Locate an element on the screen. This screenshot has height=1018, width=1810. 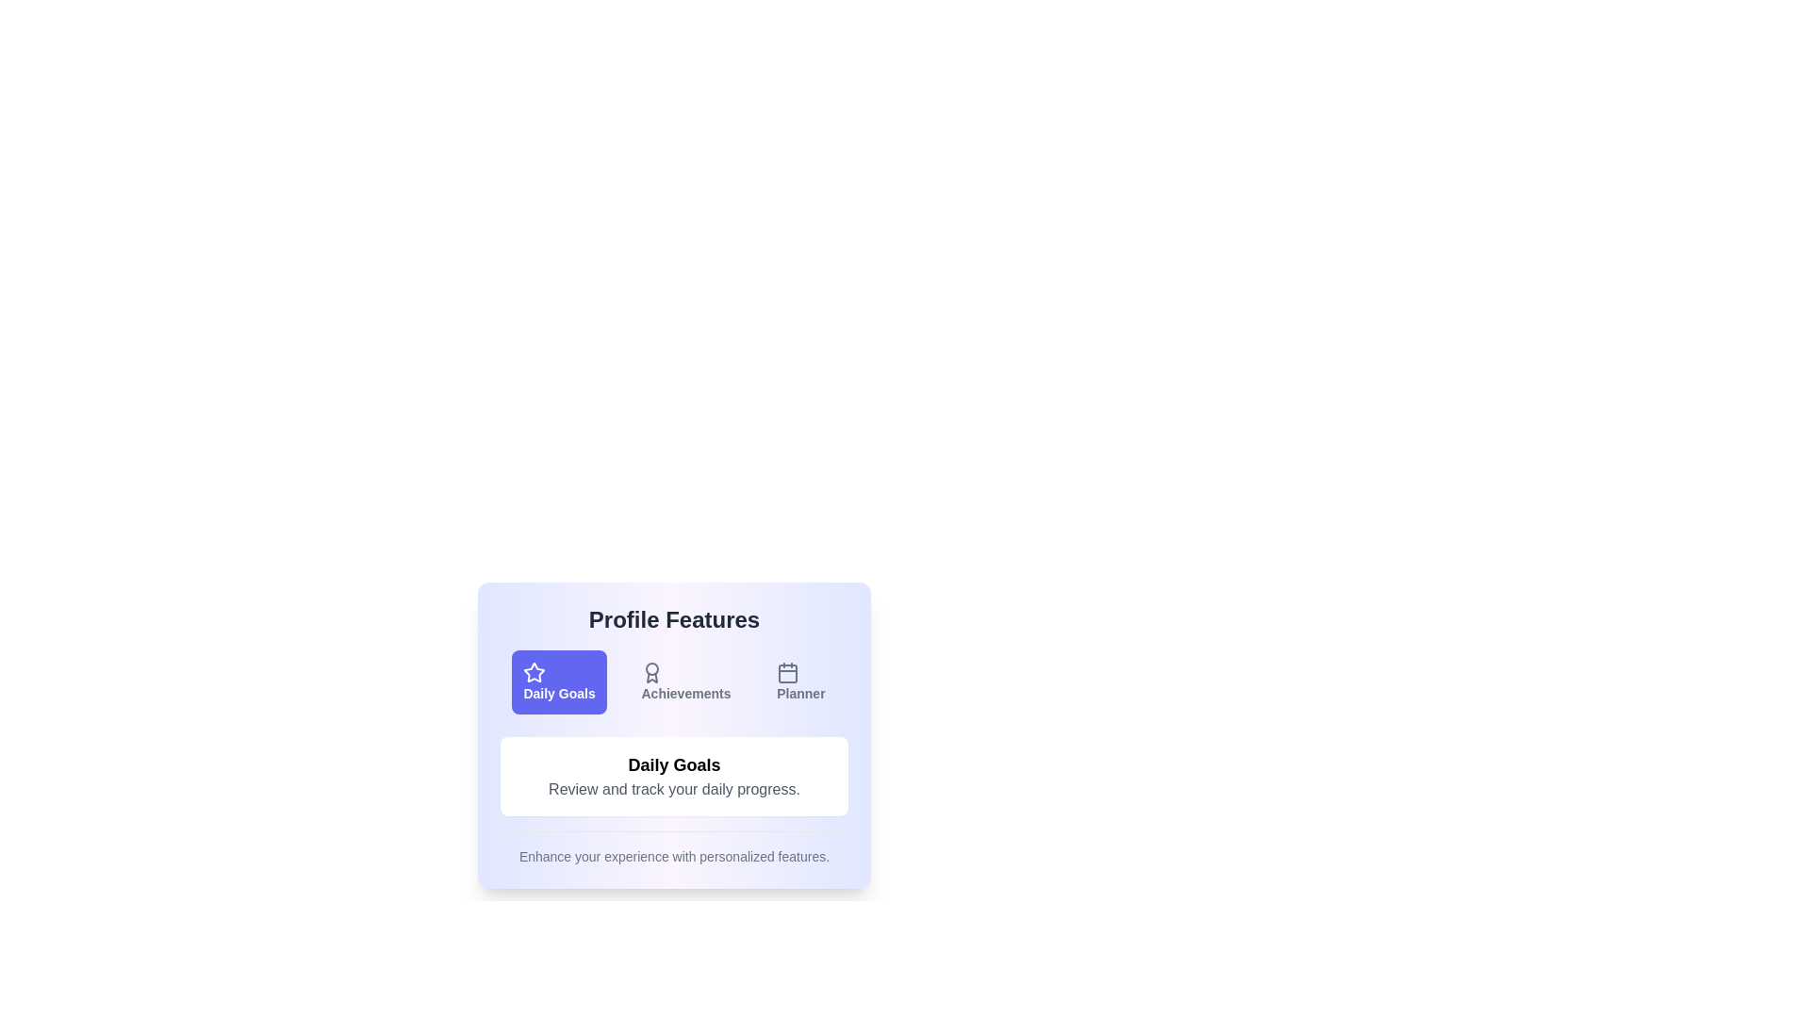
the button labeled Planner to observe its hover effect is located at coordinates (800, 682).